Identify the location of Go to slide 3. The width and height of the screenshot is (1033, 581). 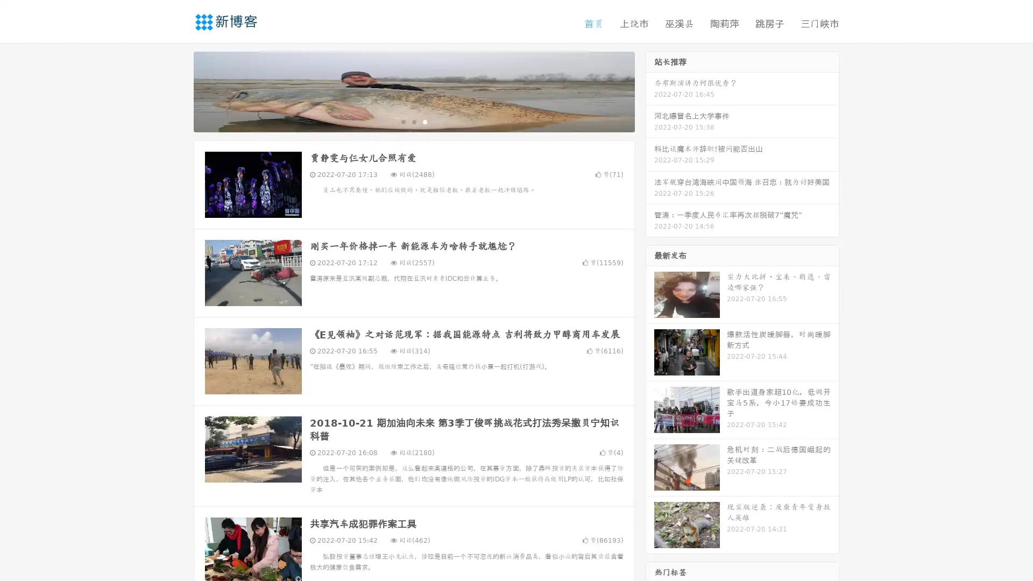
(424, 121).